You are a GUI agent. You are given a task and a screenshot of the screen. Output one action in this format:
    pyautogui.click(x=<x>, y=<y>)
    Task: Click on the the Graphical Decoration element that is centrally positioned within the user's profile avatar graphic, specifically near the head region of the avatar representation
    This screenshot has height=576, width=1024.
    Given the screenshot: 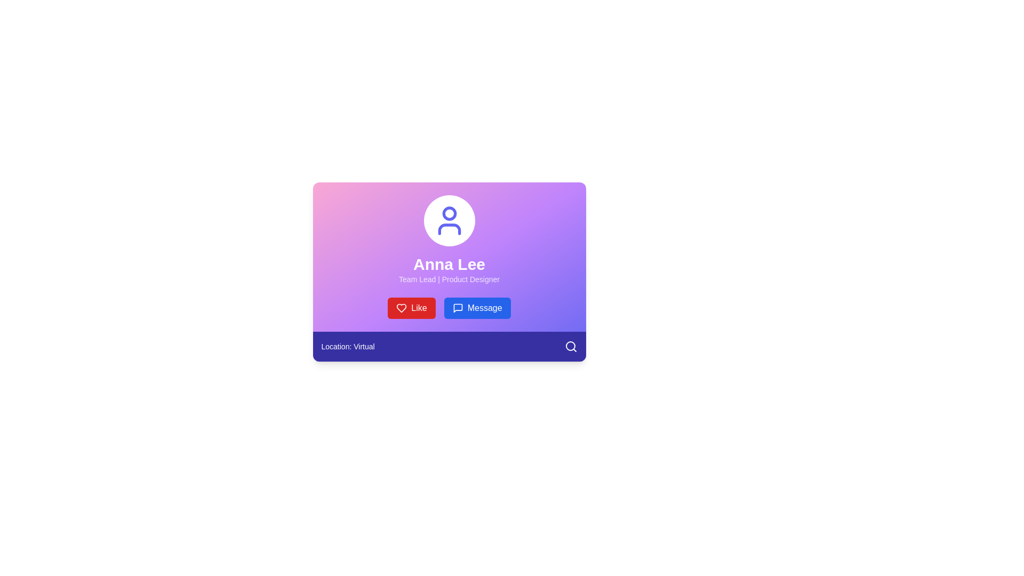 What is the action you would take?
    pyautogui.click(x=449, y=213)
    